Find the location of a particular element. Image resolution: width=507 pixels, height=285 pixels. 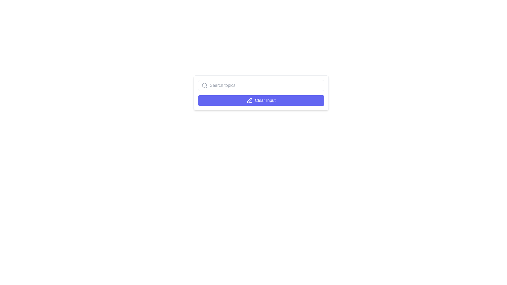

the Decorative SVG icon resembling a pen or edit tool, which is located within the 'Clear Input' button and is horizontally centered relative to it is located at coordinates (249, 101).